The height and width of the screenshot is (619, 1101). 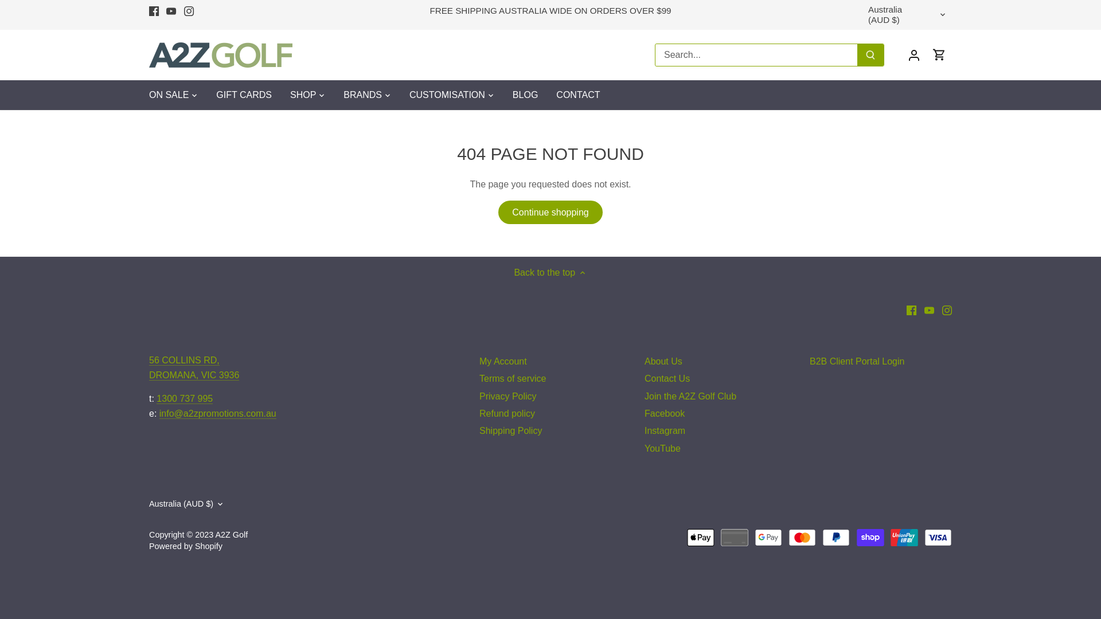 What do you see at coordinates (170, 11) in the screenshot?
I see `'Youtube'` at bounding box center [170, 11].